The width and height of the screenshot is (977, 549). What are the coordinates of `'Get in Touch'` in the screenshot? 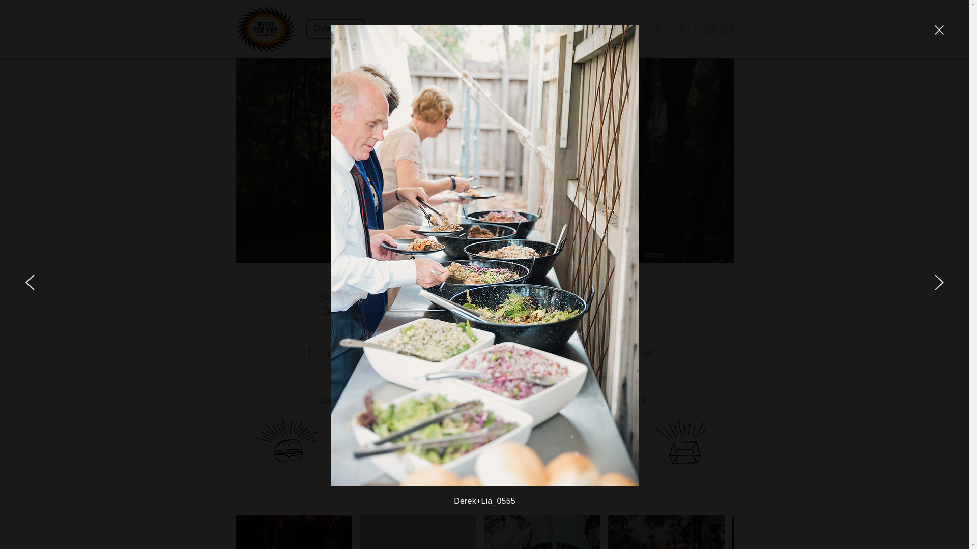 It's located at (676, 28).